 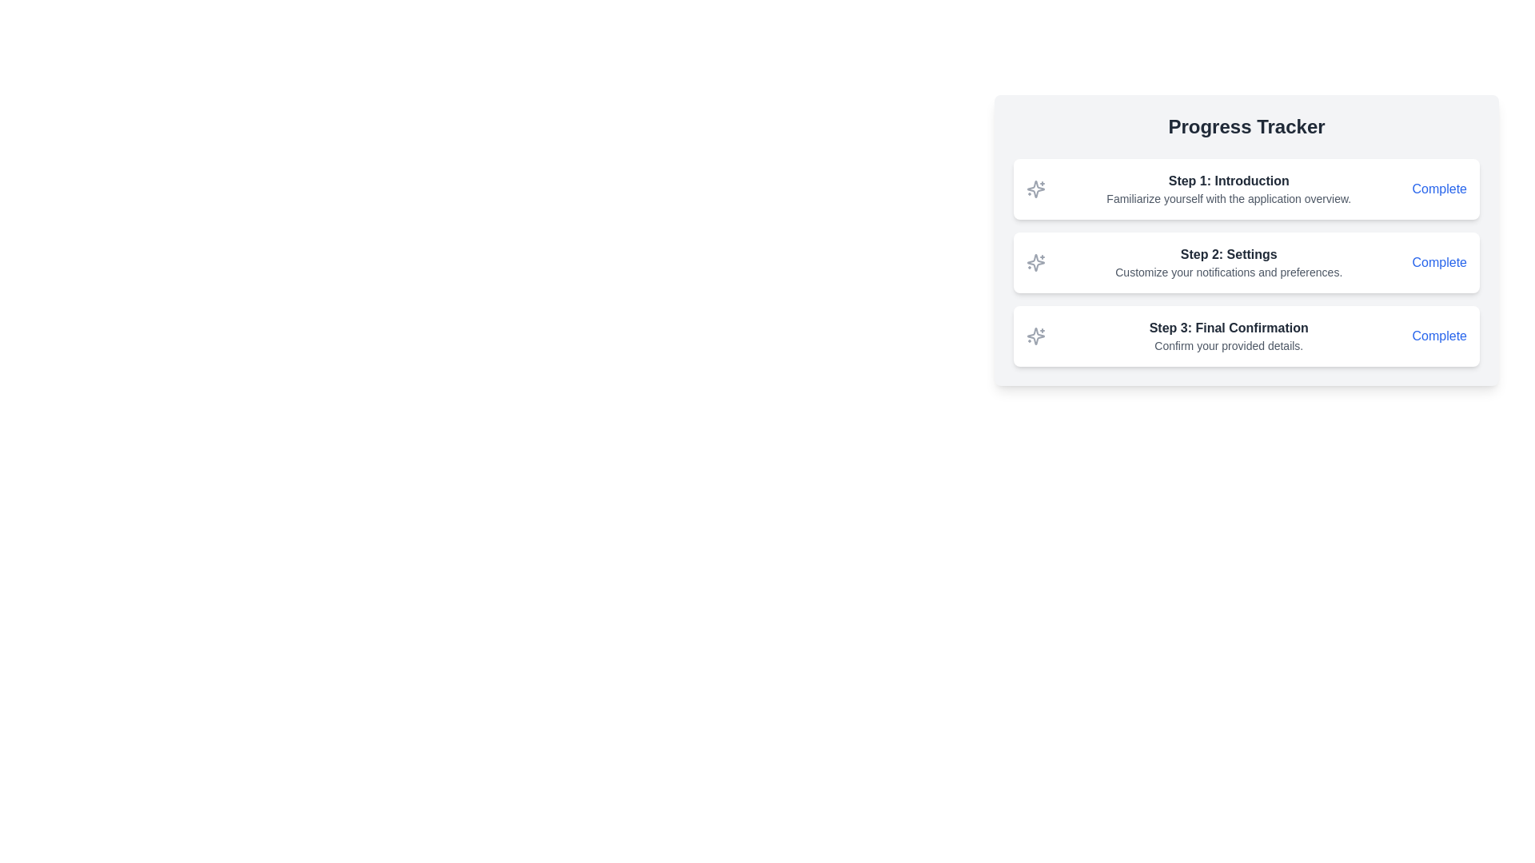 What do you see at coordinates (1036, 188) in the screenshot?
I see `the icon associated with the first step in the progress tracker to interact with the step` at bounding box center [1036, 188].